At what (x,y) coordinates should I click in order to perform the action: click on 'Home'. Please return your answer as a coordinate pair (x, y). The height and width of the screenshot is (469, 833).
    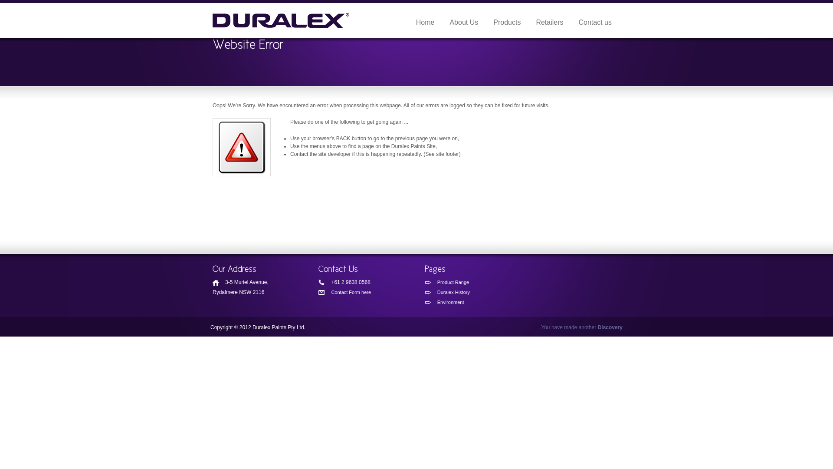
    Looking at the image, I should click on (425, 22).